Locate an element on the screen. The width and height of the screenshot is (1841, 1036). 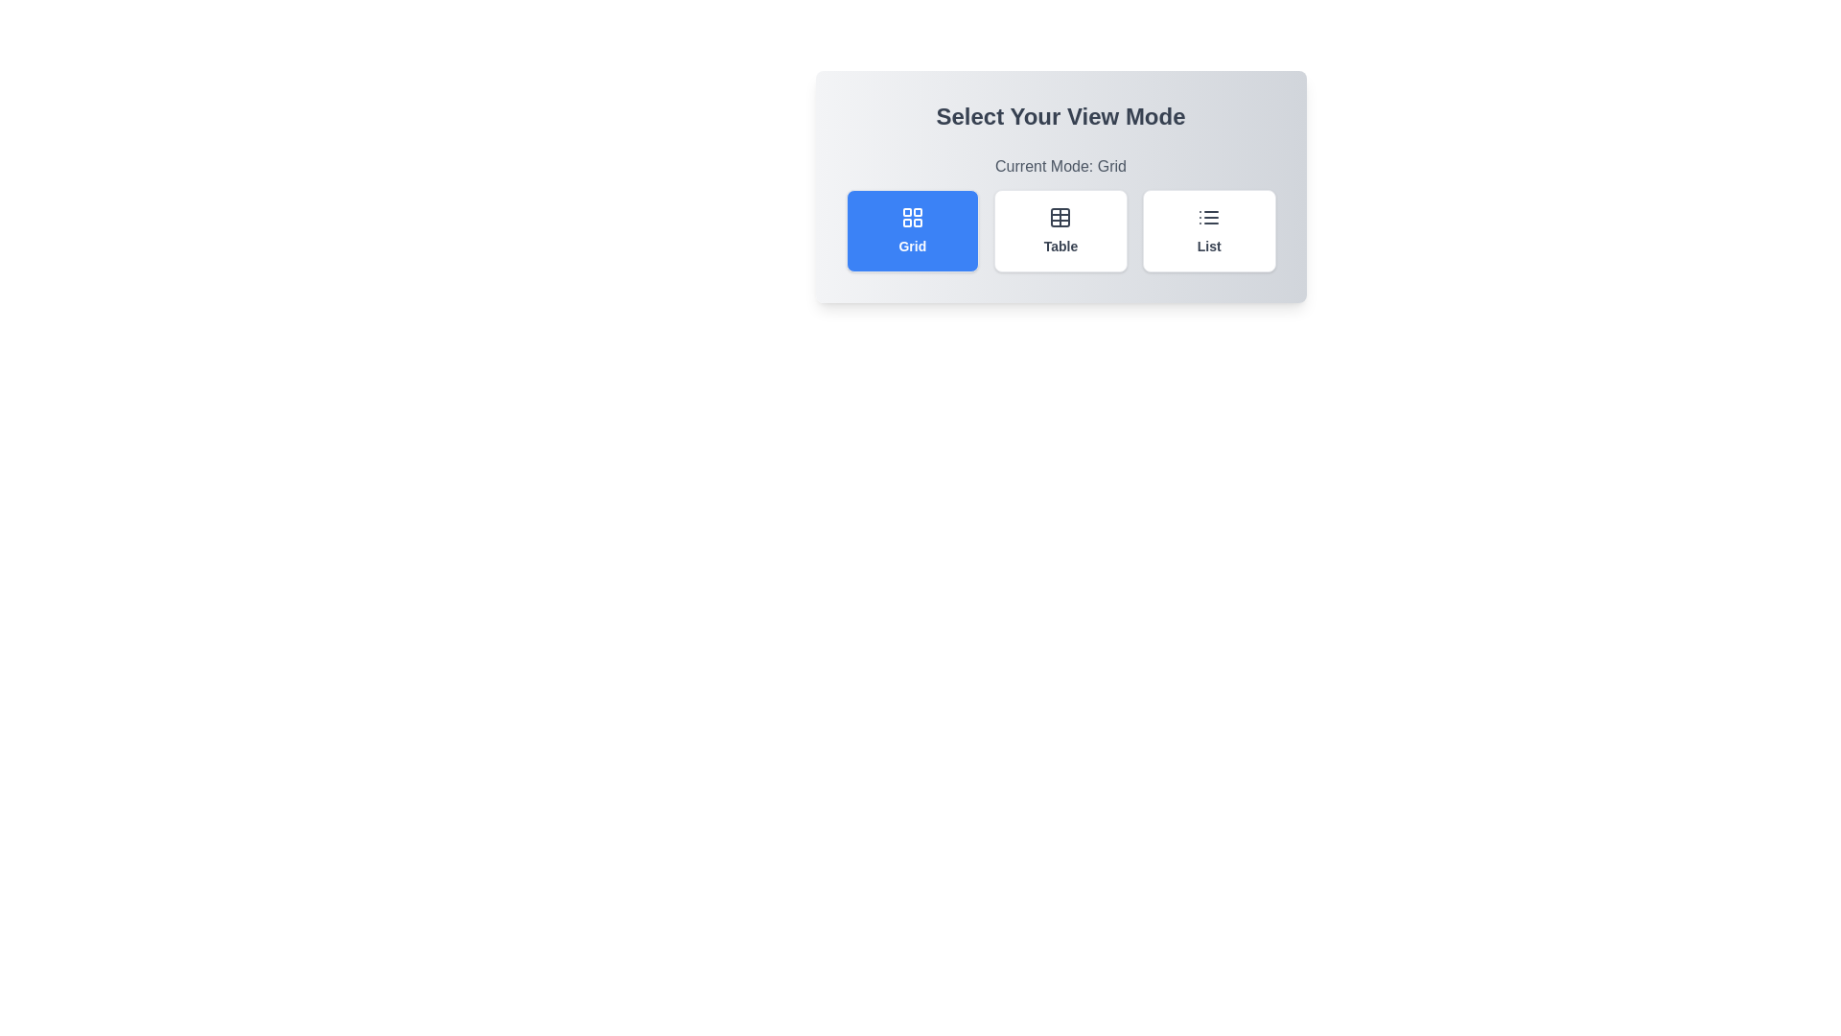
the 'List' text label element, which is a smaller bold font located below the list icon in the view mode selection interface is located at coordinates (1208, 246).